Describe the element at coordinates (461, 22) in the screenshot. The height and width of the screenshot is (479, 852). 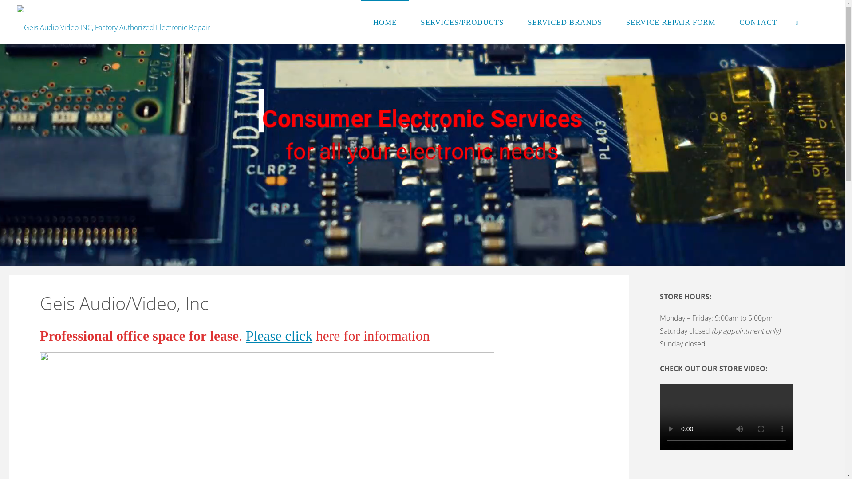
I see `'SERVICES/PRODUCTS'` at that location.